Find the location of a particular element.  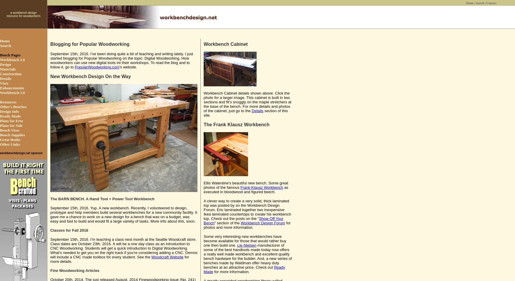

'Vises' is located at coordinates (4, 83).